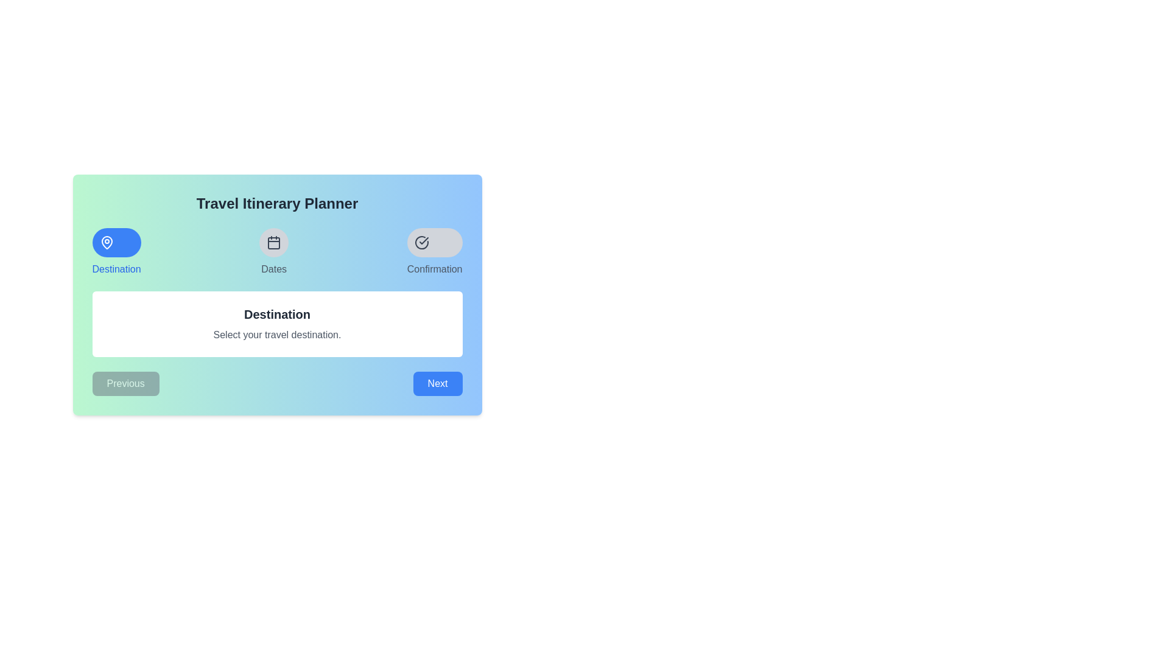 This screenshot has width=1169, height=657. I want to click on the 'Previous' button on the navigation bar, which is located at the bottom of the card layout and is styled in gray with rounded corners, so click(276, 384).